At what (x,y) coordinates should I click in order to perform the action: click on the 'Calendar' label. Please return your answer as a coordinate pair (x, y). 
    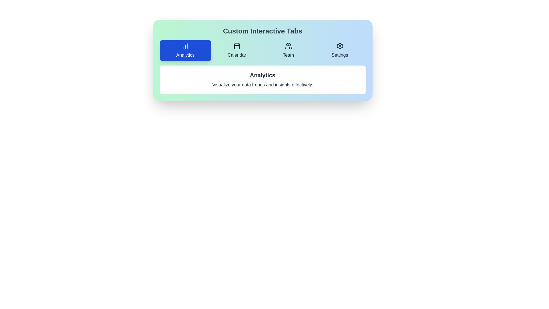
    Looking at the image, I should click on (237, 55).